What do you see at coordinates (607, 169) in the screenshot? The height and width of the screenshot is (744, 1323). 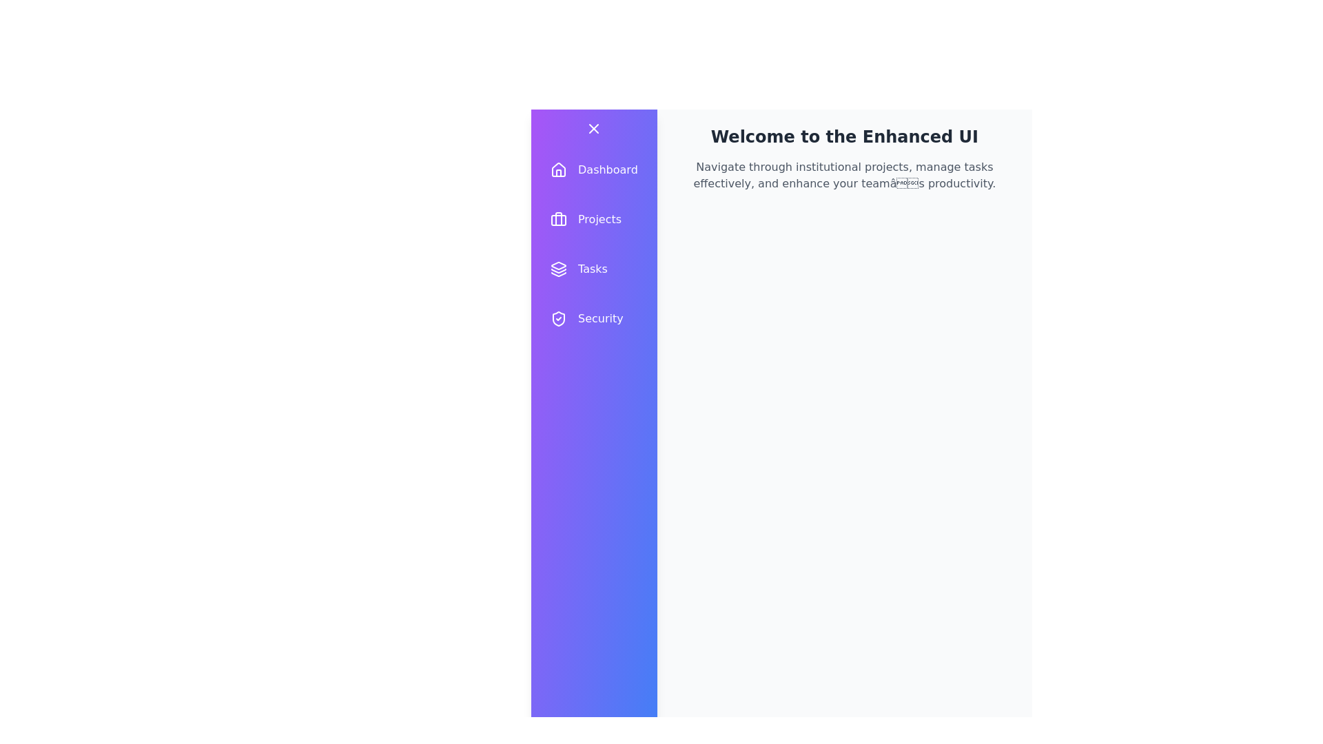 I see `the 'Dashboard' text label styled in white on a purple gradient sidebar, which is the first element in a vertical list of navigation options` at bounding box center [607, 169].